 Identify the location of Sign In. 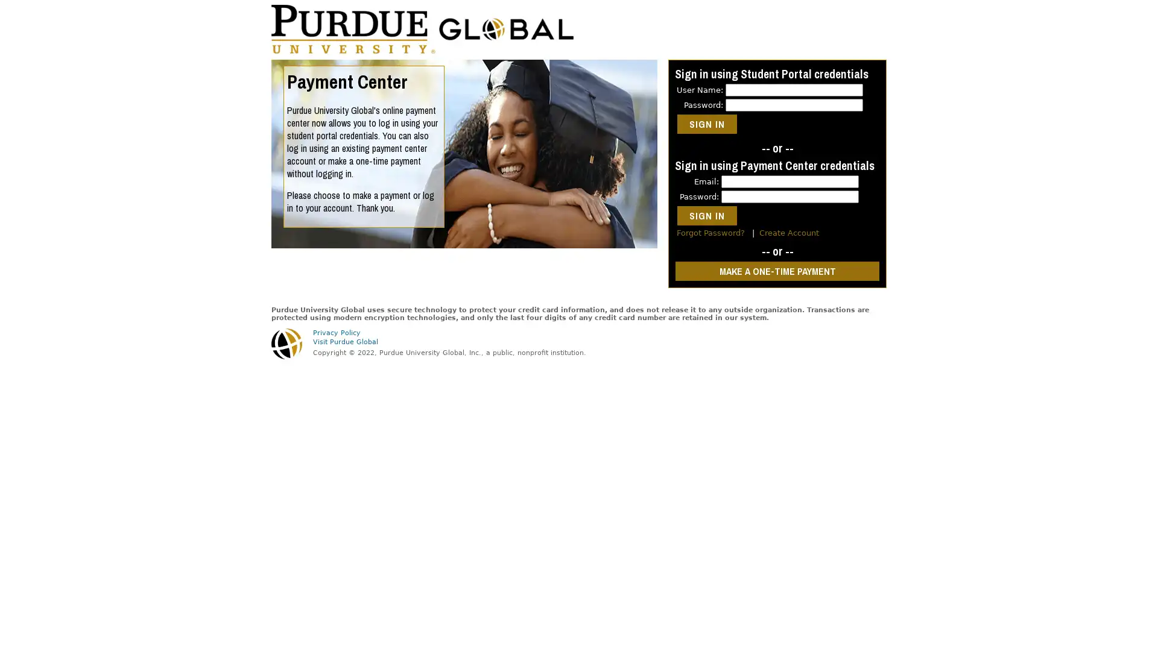
(707, 215).